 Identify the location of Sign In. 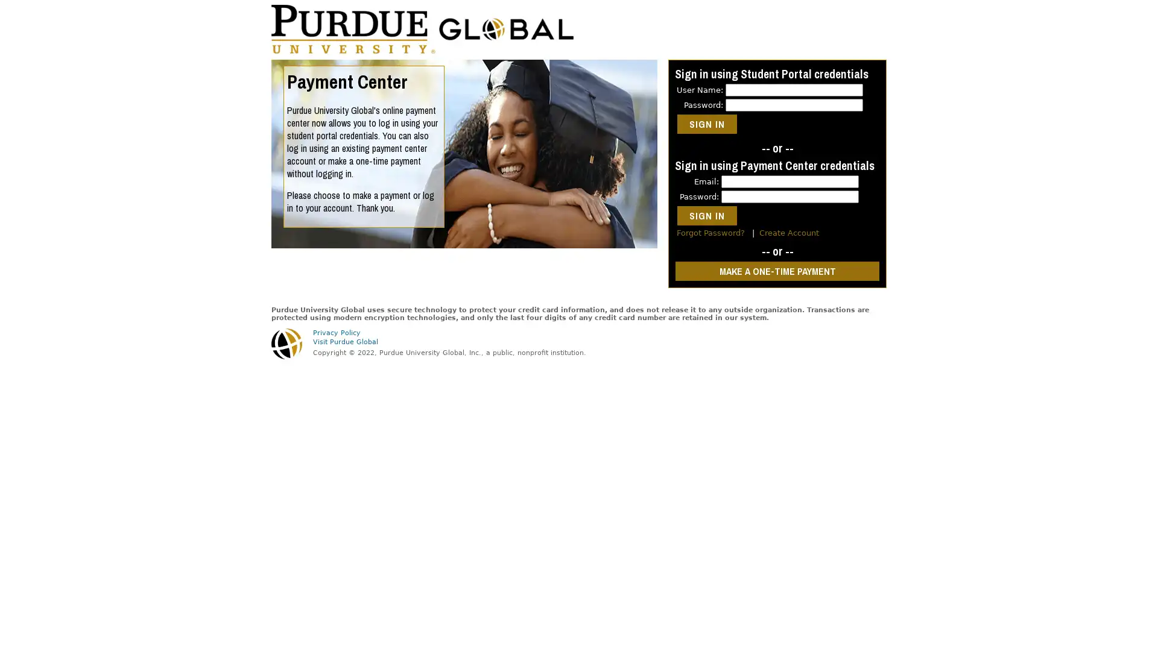
(707, 215).